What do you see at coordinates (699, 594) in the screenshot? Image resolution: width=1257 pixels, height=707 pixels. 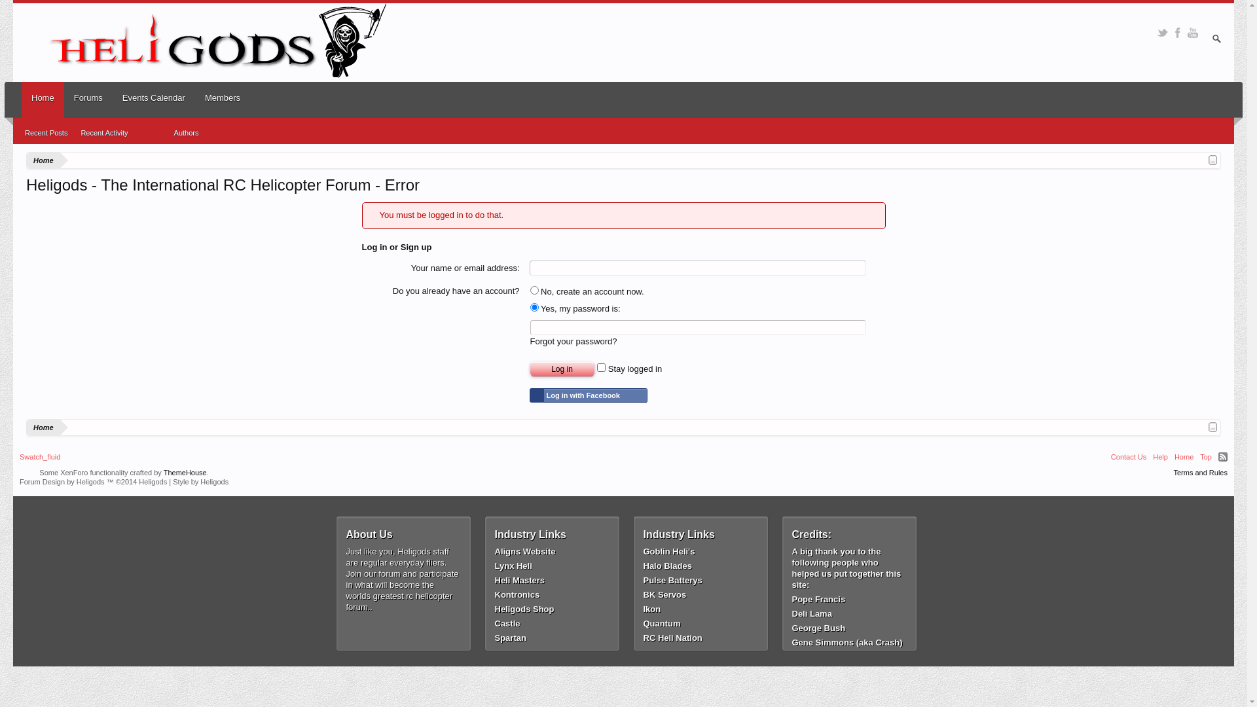 I see `'BK Servos'` at bounding box center [699, 594].